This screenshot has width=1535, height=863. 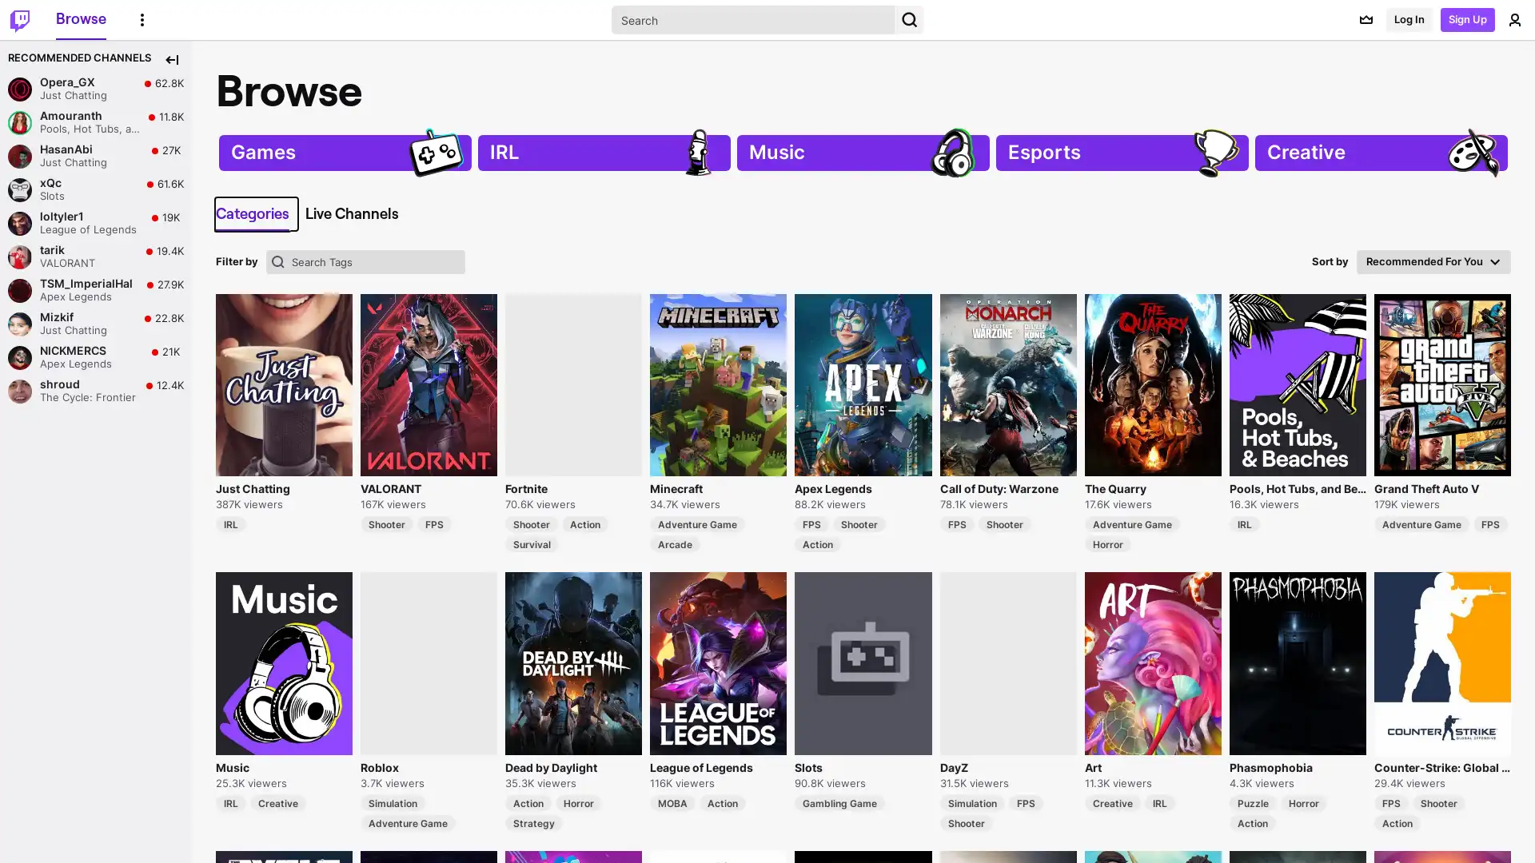 I want to click on Survival, so click(x=532, y=543).